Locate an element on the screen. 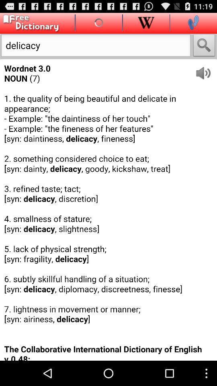 Image resolution: width=217 pixels, height=386 pixels. dictionary is located at coordinates (29, 23).